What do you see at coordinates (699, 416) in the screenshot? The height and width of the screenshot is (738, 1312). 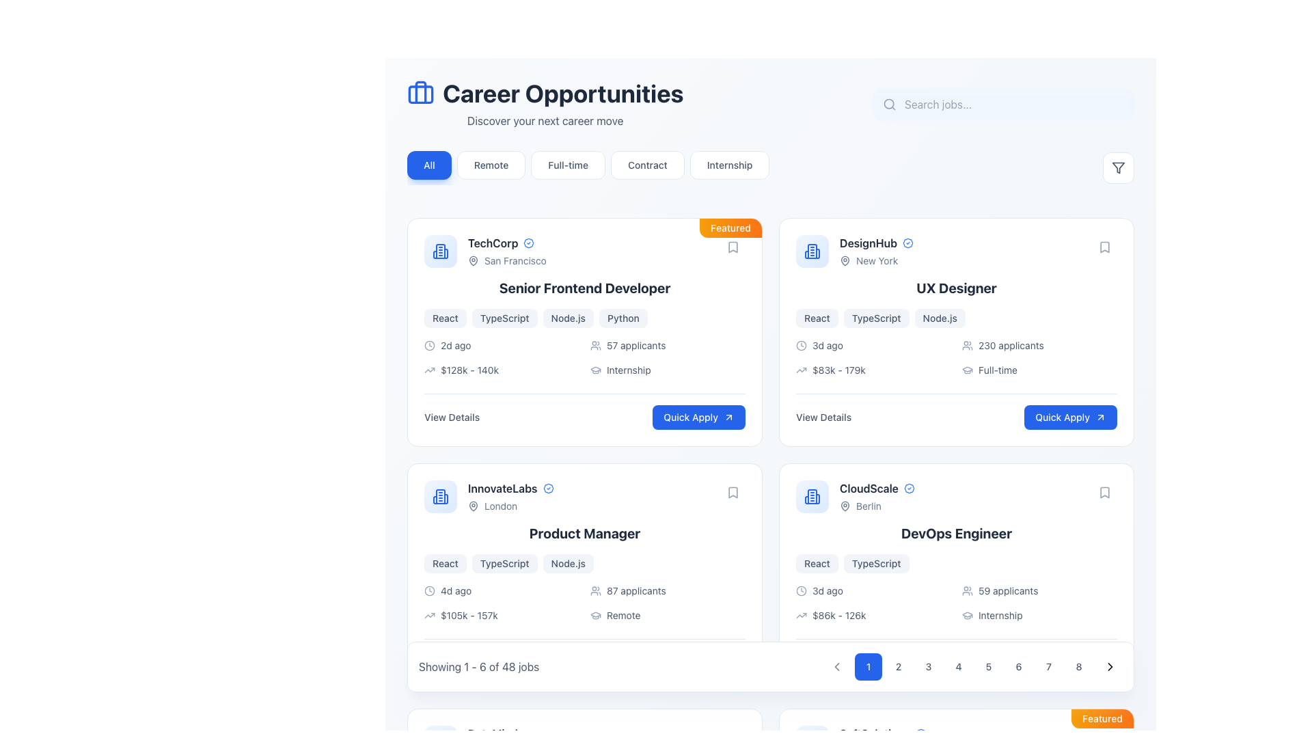 I see `the 'Quick Apply' button with a deep blue background and white text and icon, located in the lower right corner of the job card for 'Senior Frontend Developer' at 'TechCorp'` at bounding box center [699, 416].